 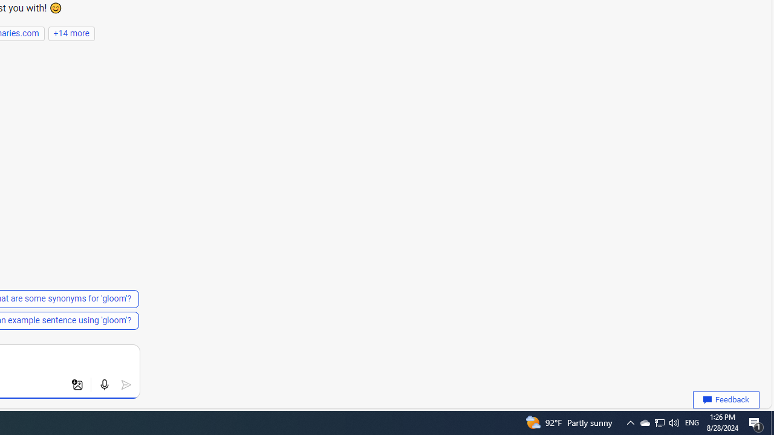 What do you see at coordinates (71, 33) in the screenshot?
I see `'+14 more'` at bounding box center [71, 33].